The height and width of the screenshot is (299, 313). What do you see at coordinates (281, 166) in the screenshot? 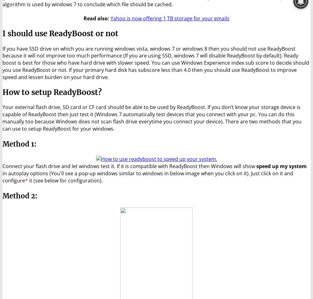
I see `'speed up my system'` at bounding box center [281, 166].